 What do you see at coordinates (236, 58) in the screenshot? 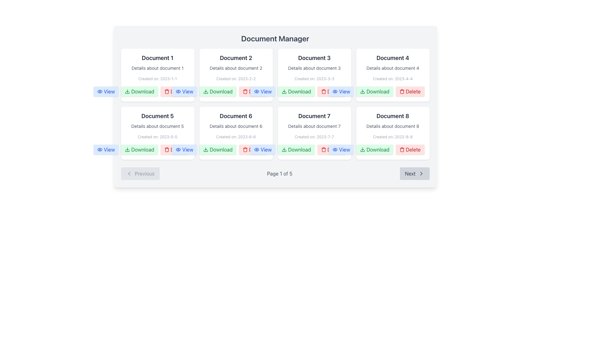
I see `the title label of the document located in the second document card of the first row in the grid layout` at bounding box center [236, 58].